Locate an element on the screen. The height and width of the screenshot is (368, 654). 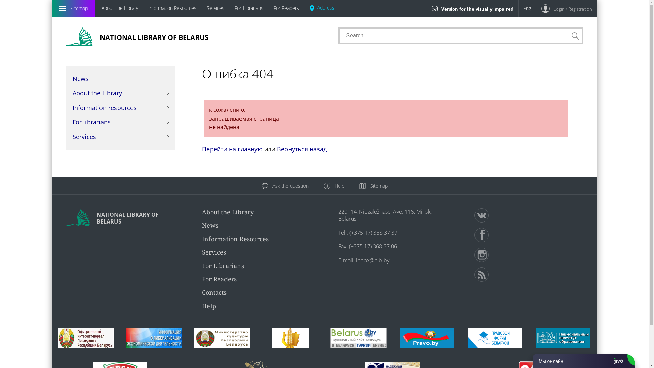
'Address' is located at coordinates (322, 8).